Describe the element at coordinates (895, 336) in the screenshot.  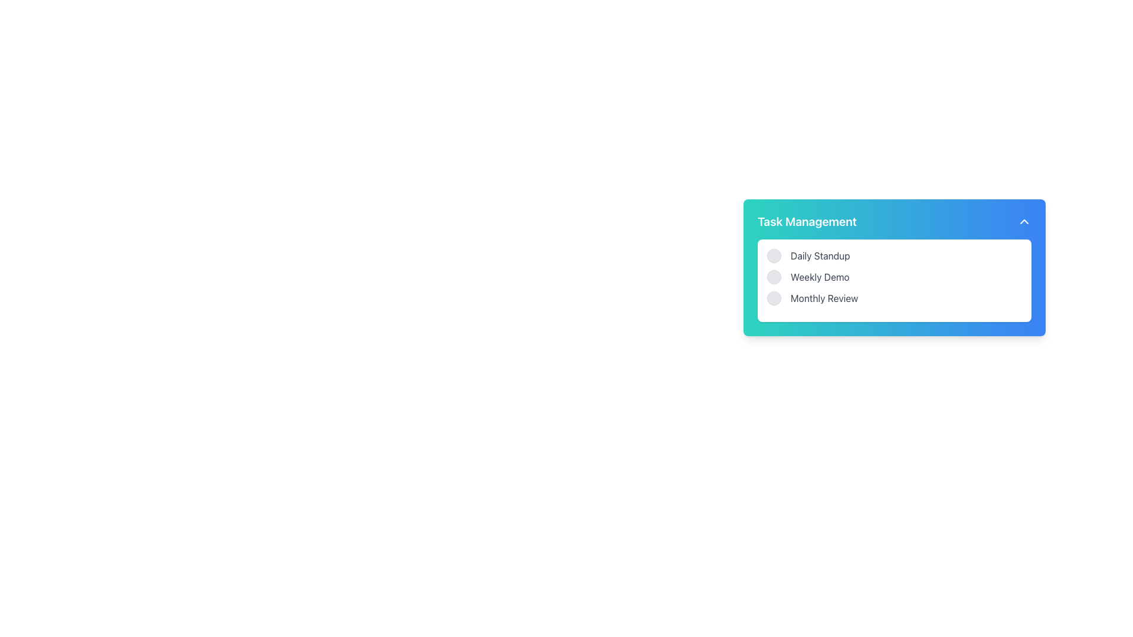
I see `the downward-pointing arrow on the 'Task Management' dropdown panel` at that location.